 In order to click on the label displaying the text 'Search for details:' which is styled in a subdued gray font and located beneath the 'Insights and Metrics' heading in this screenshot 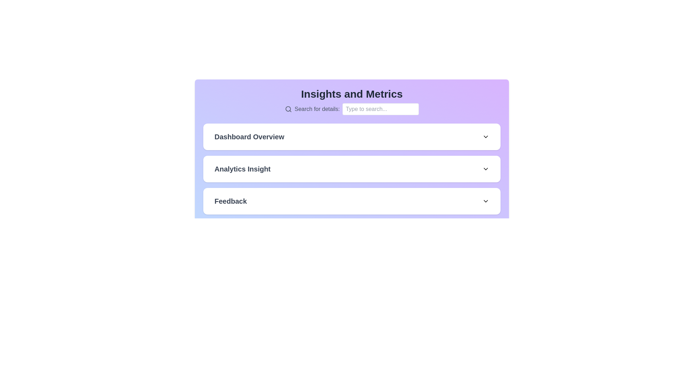, I will do `click(352, 109)`.